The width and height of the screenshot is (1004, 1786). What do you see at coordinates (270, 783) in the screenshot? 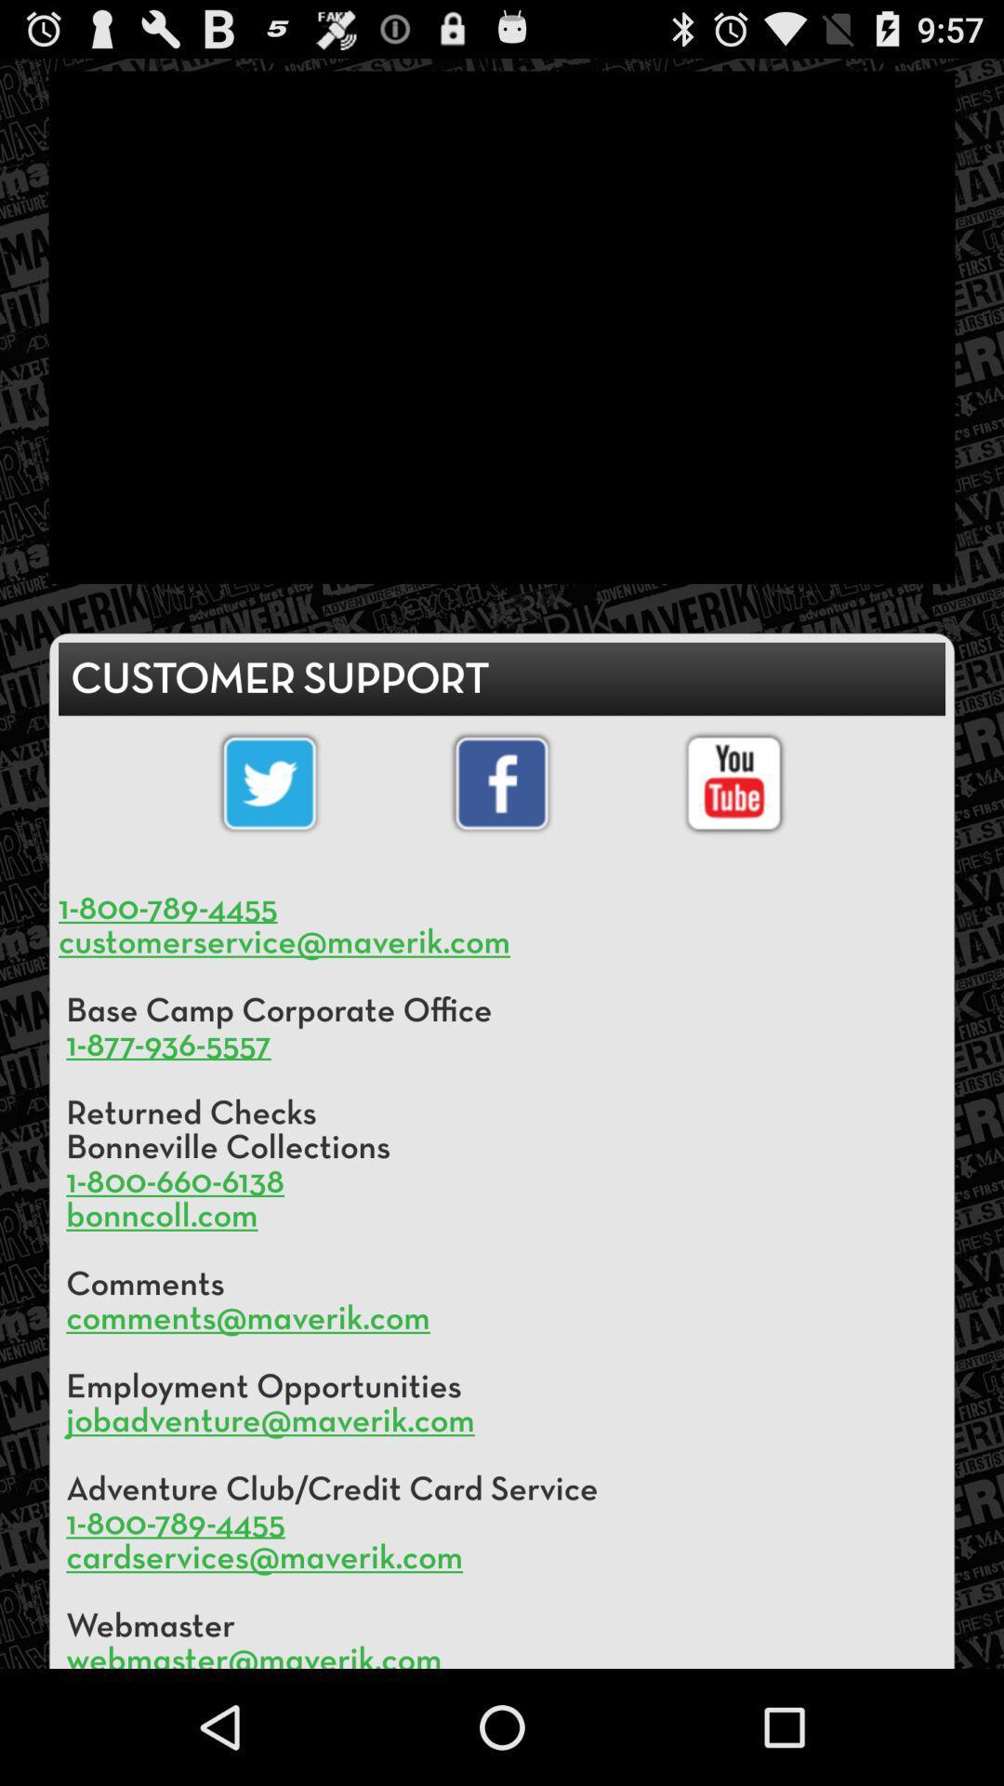
I see `company twitter` at bounding box center [270, 783].